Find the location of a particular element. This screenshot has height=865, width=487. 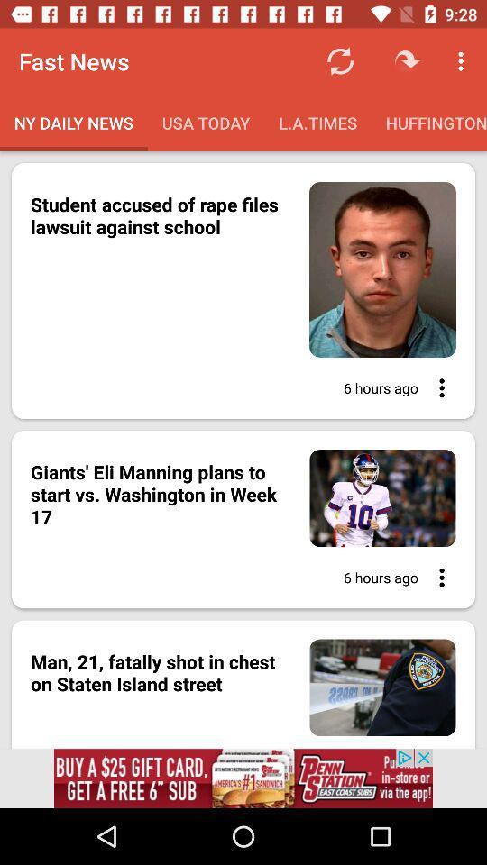

menu icon is located at coordinates (436, 387).